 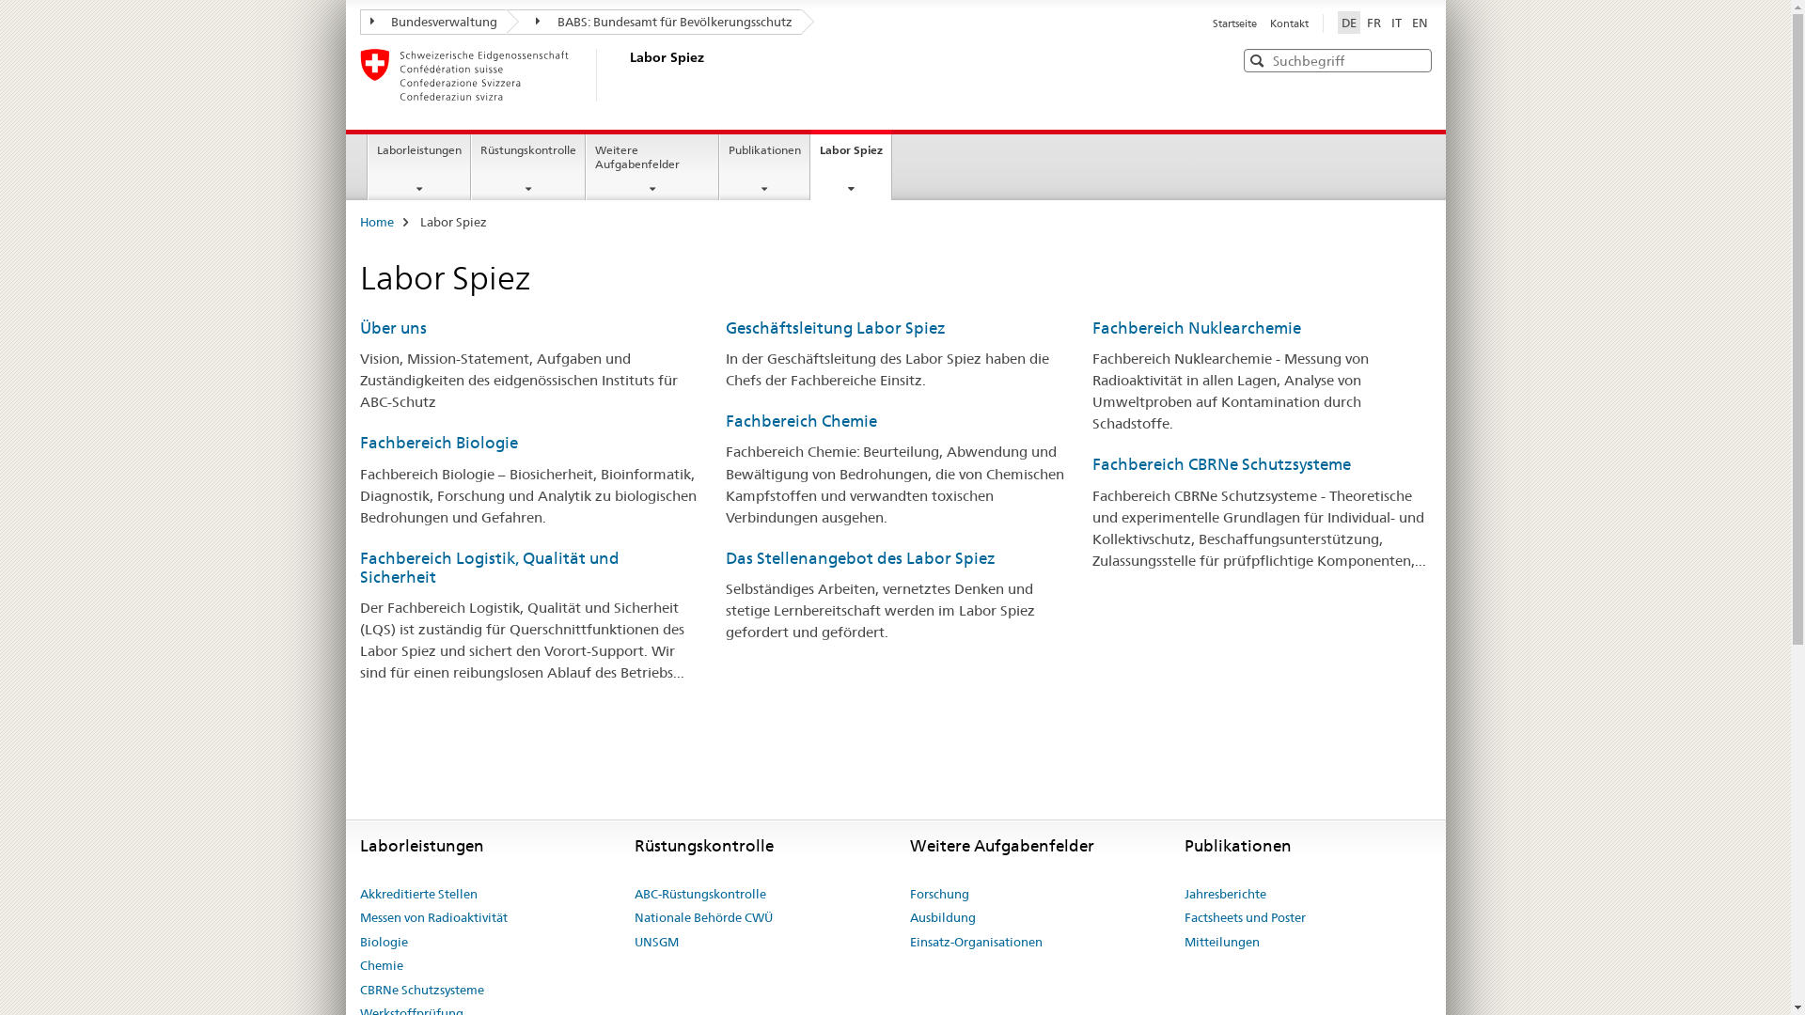 I want to click on 'FR', so click(x=1373, y=22).